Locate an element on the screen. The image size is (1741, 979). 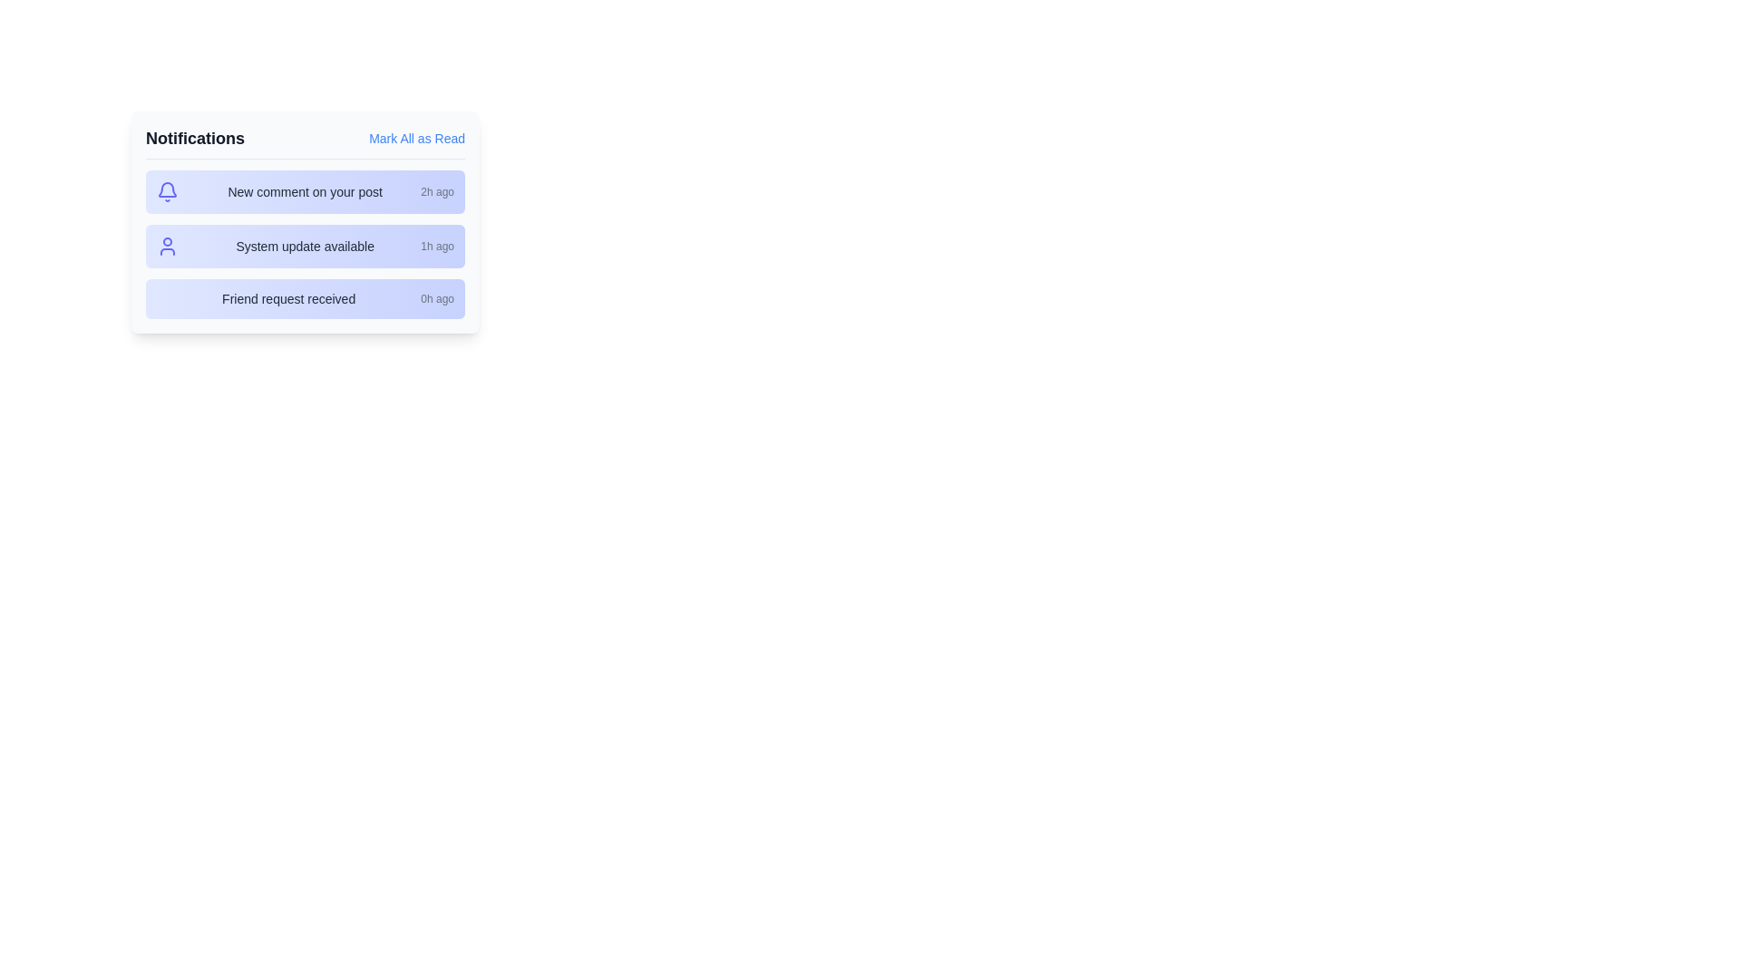
the text label displaying '2h ago', which is styled in light gray and positioned to the right of 'New comment on your post' is located at coordinates (437, 192).